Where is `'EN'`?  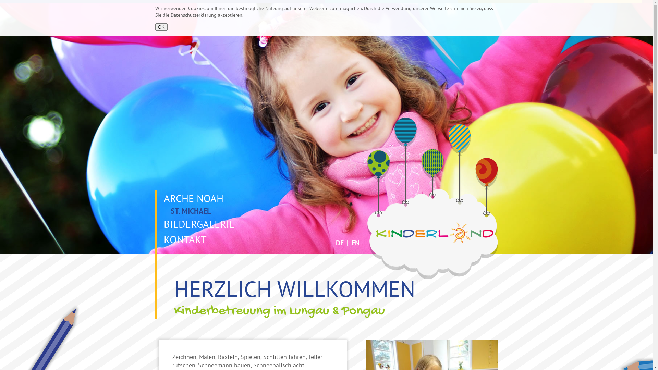 'EN' is located at coordinates (355, 243).